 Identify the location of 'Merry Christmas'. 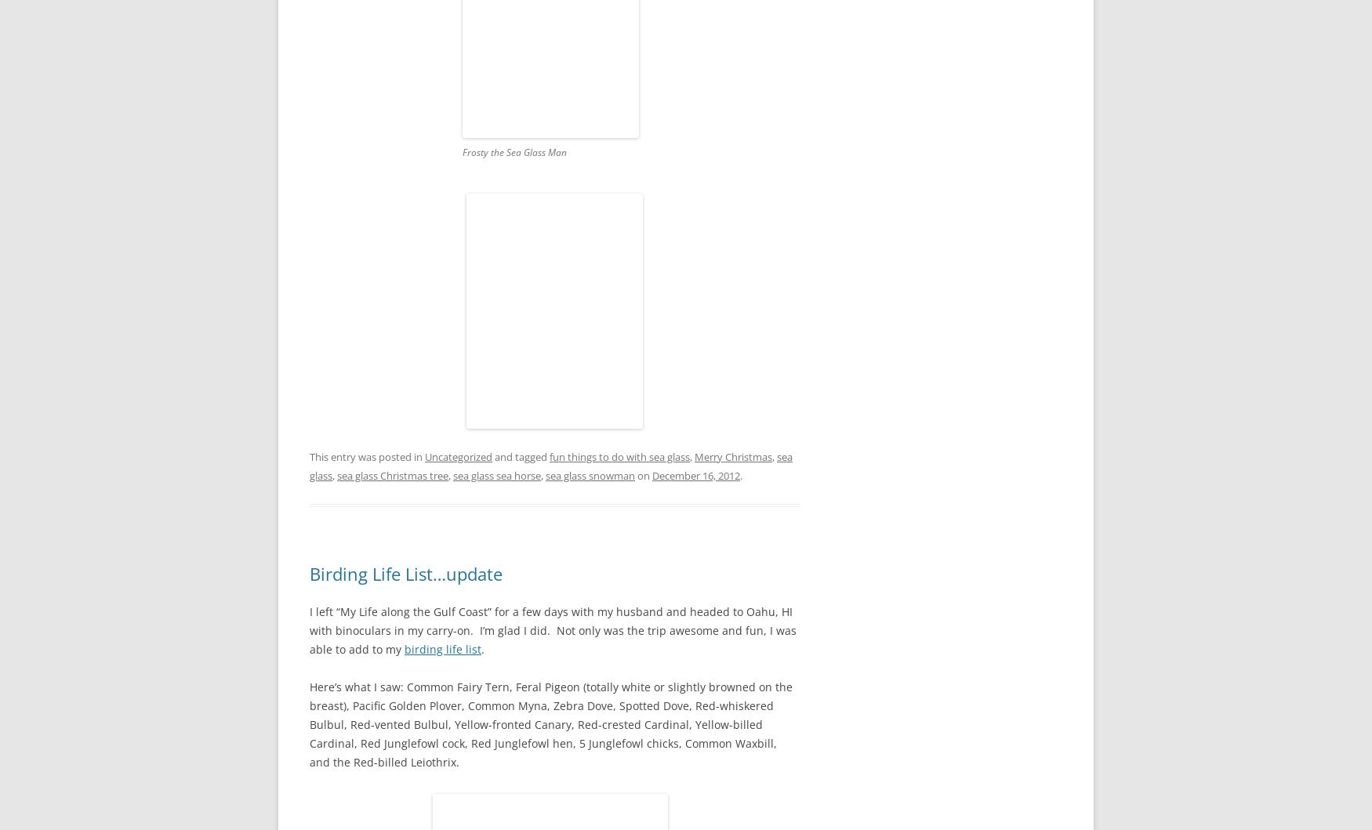
(732, 455).